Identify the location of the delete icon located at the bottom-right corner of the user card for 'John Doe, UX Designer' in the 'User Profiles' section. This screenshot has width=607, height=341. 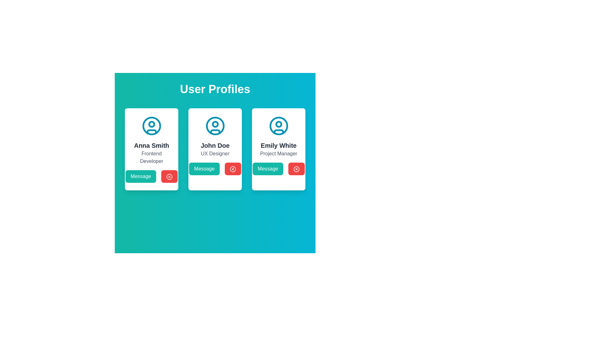
(232, 169).